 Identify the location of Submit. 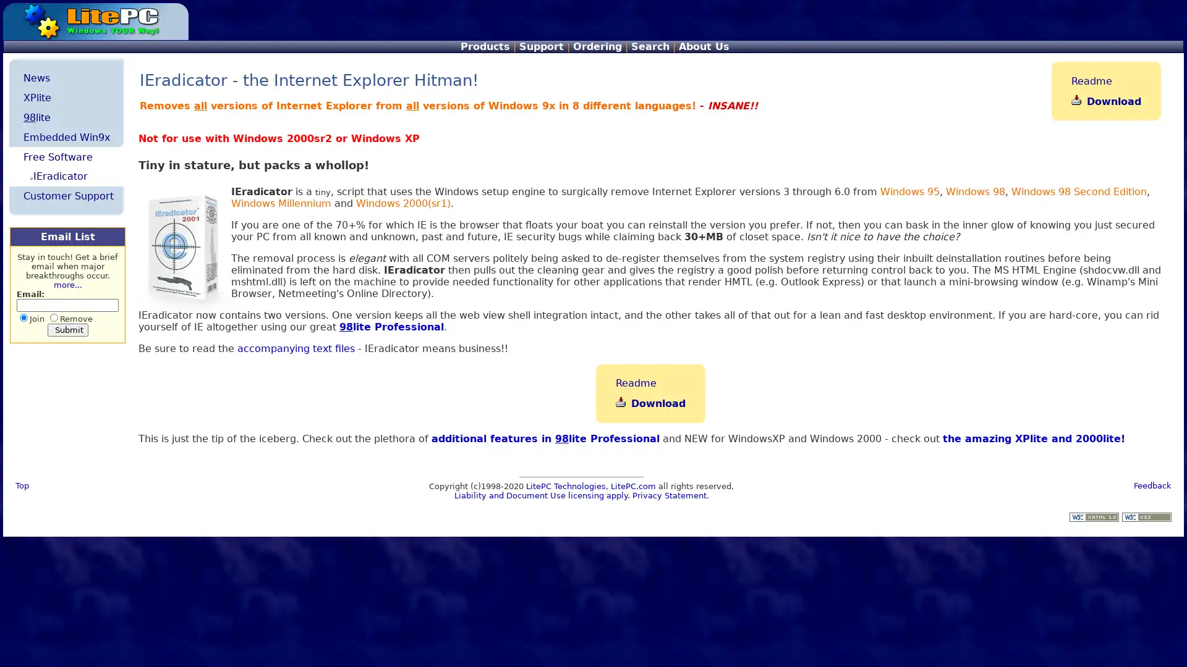
(67, 329).